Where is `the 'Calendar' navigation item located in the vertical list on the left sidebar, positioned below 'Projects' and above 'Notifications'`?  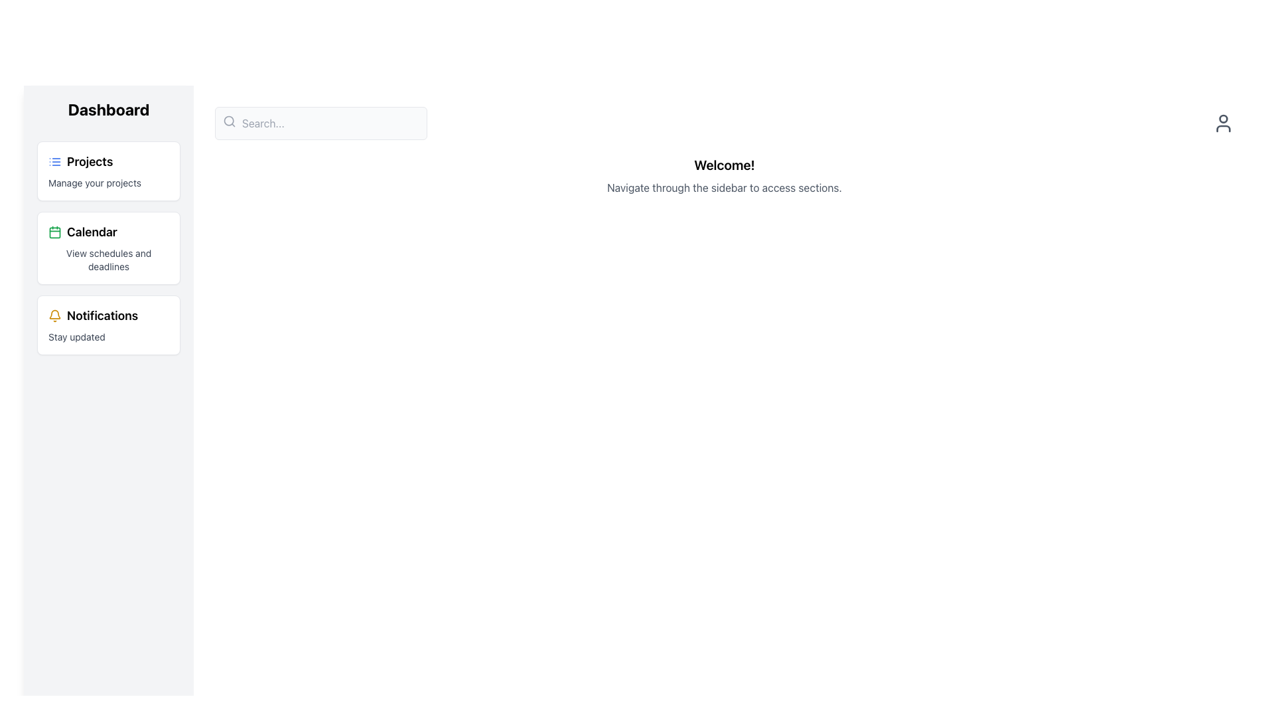 the 'Calendar' navigation item located in the vertical list on the left sidebar, positioned below 'Projects' and above 'Notifications' is located at coordinates (108, 248).